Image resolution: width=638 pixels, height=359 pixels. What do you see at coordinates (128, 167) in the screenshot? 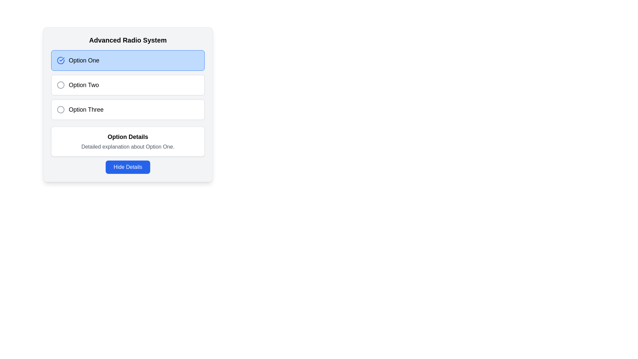
I see `the button located at the bottom of the 'Advanced Radio System' panel` at bounding box center [128, 167].